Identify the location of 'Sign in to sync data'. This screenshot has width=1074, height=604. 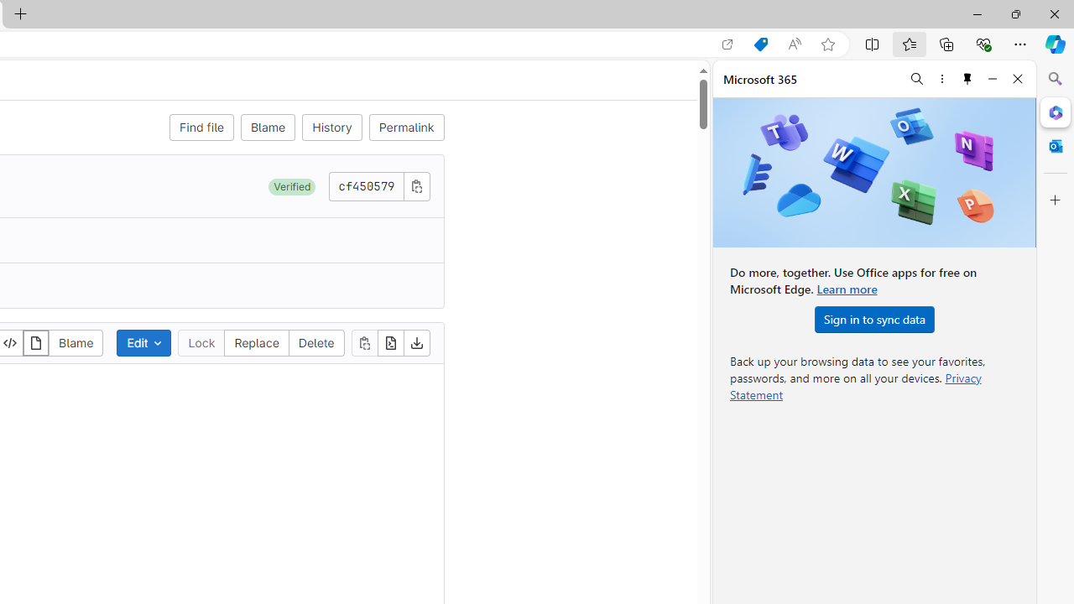
(873, 319).